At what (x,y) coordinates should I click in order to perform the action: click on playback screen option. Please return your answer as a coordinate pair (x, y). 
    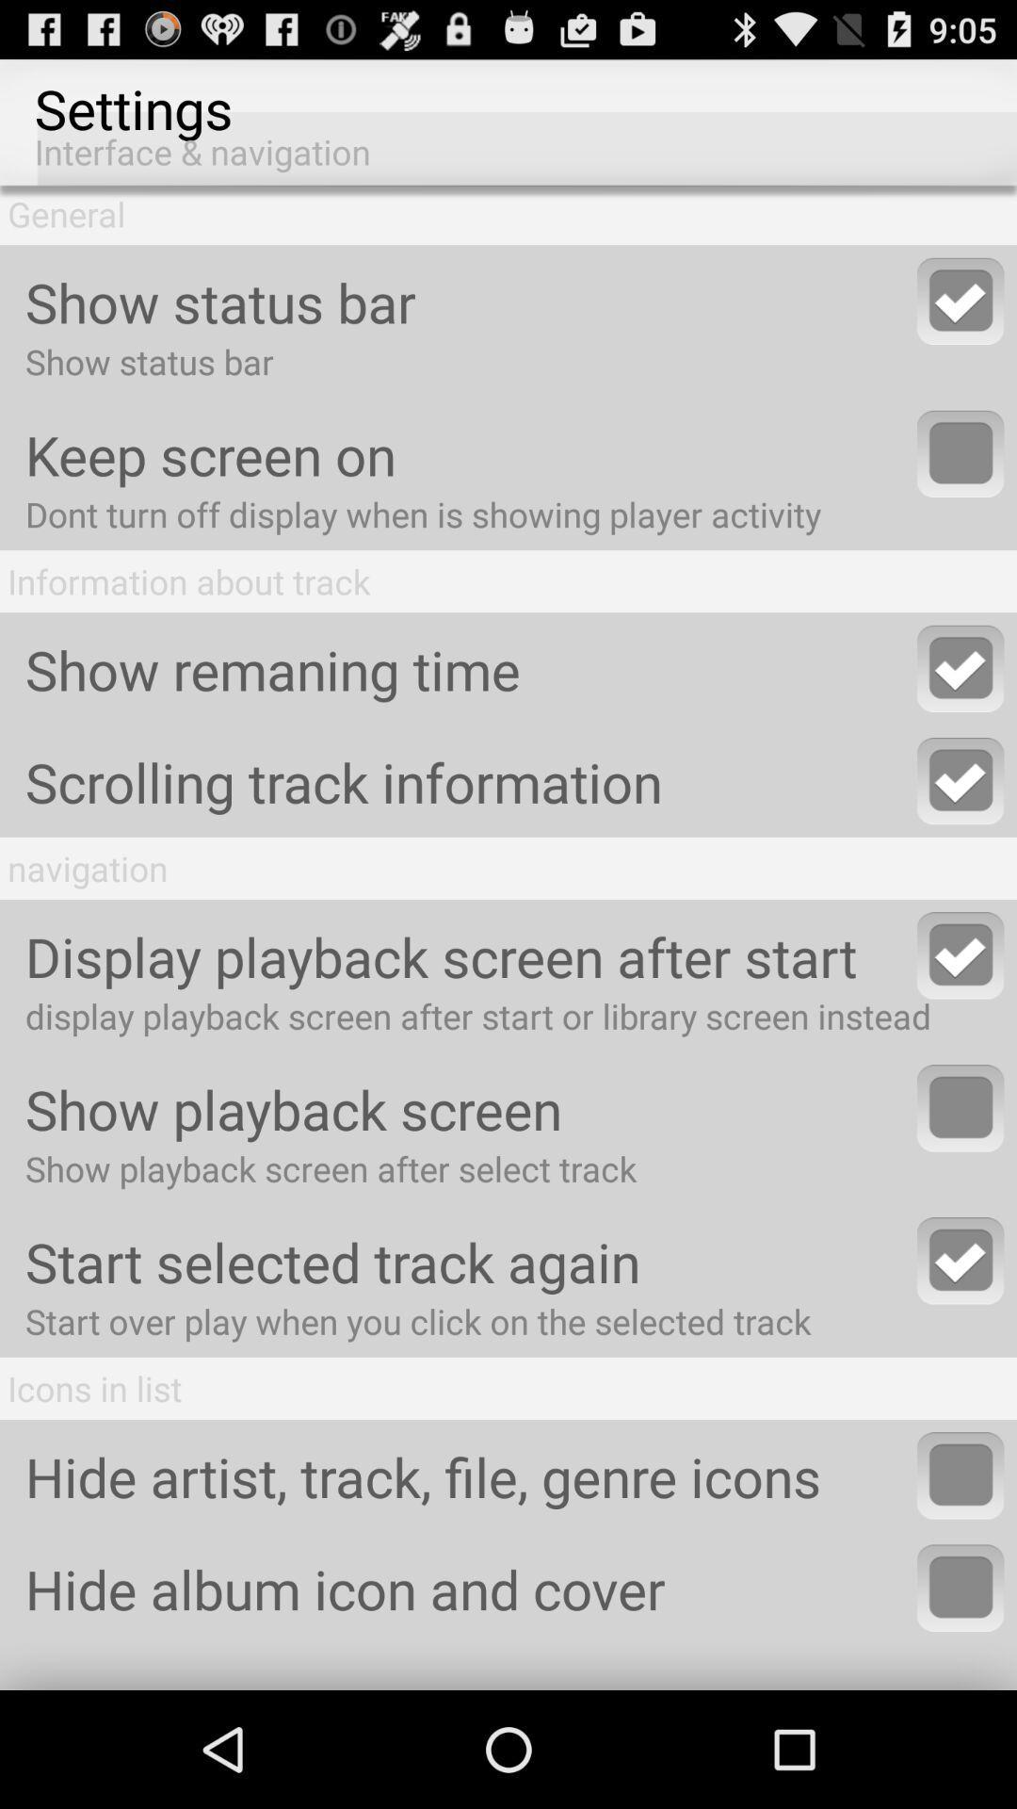
    Looking at the image, I should click on (960, 1108).